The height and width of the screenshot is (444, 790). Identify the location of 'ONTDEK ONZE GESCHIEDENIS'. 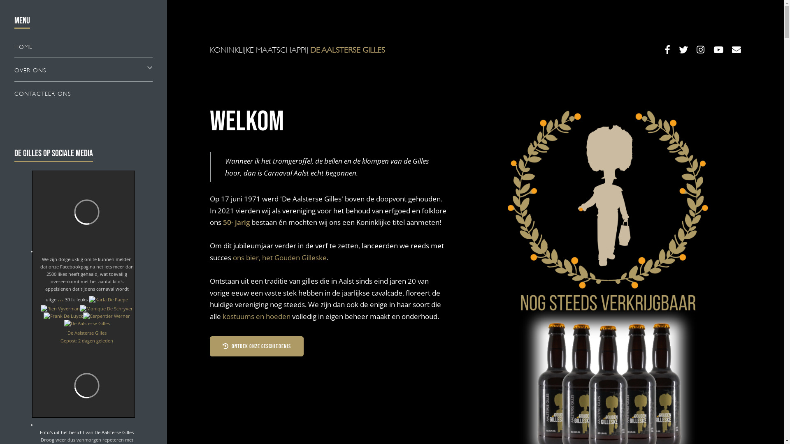
(256, 346).